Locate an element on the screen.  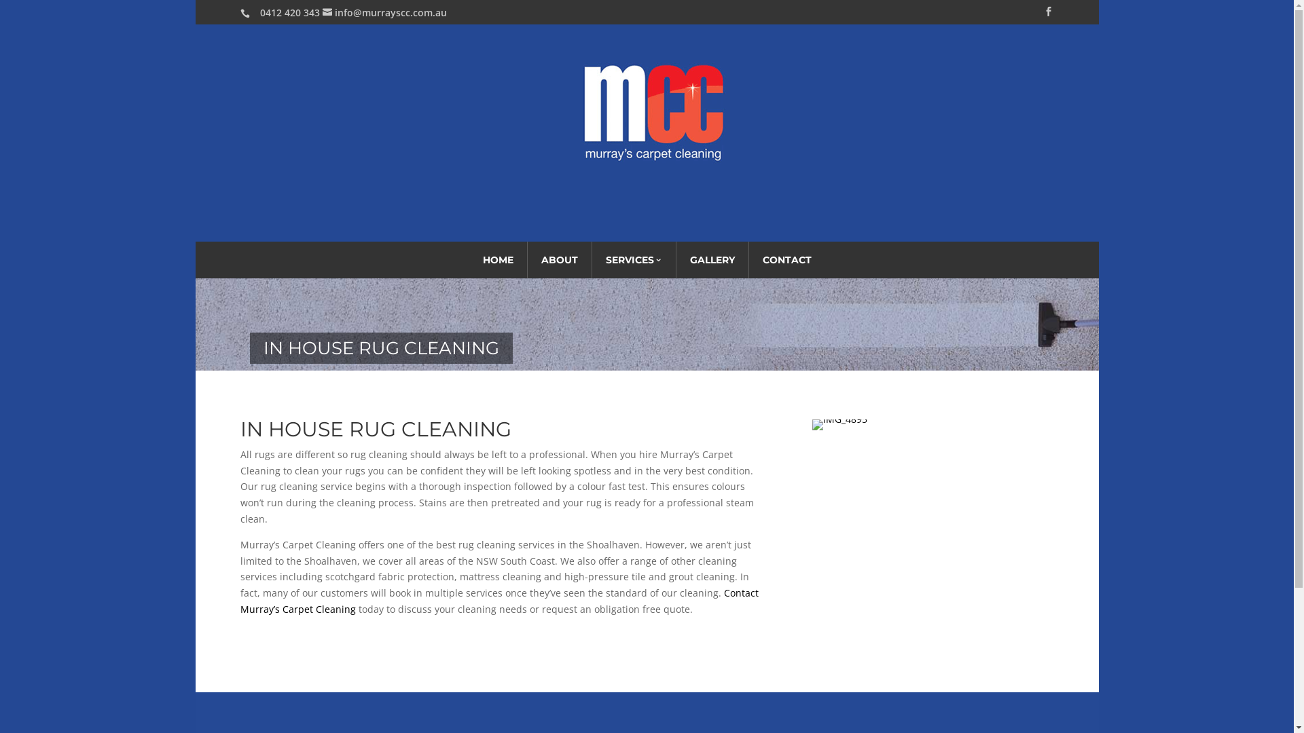
'GALLERY' is located at coordinates (676, 259).